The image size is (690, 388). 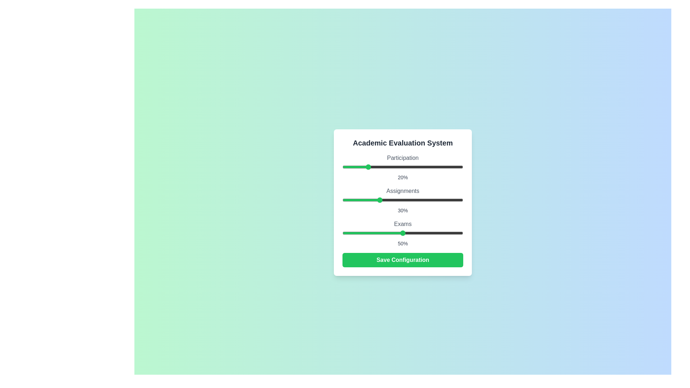 I want to click on the Save Configuration button element to observe visual feedback, so click(x=403, y=260).